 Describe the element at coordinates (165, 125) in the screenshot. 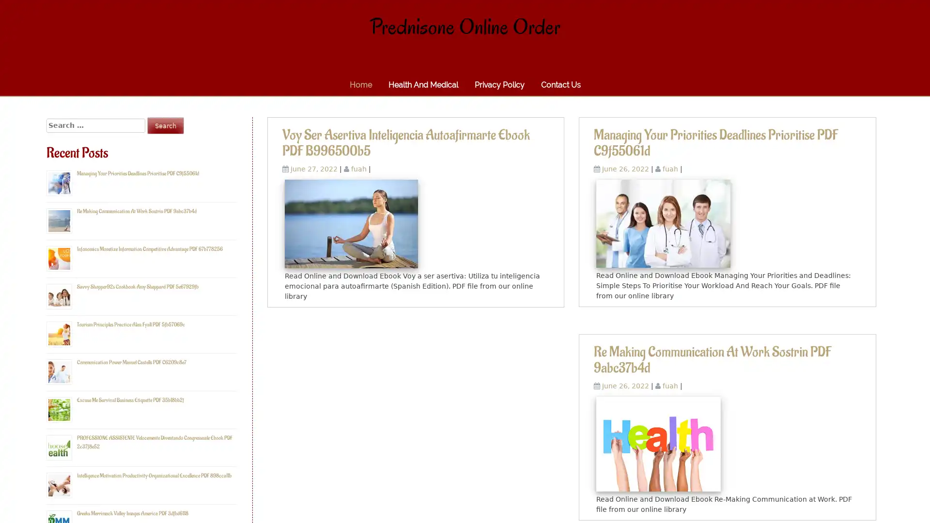

I see `Search` at that location.